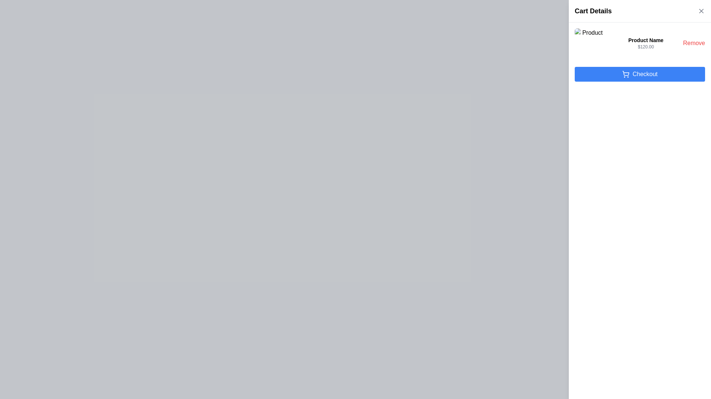 This screenshot has width=711, height=399. I want to click on text displaying the price of the product located below 'Product Name' in the top-right of the cart view, so click(645, 47).